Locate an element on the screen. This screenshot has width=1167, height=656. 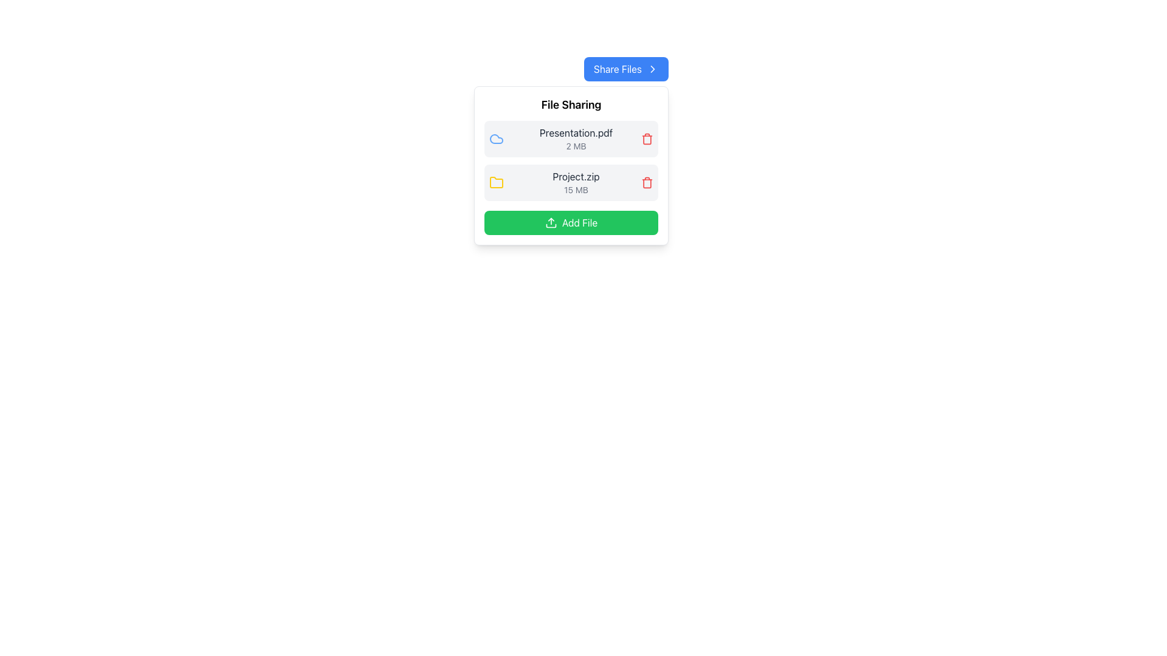
the red trash bin icon located on the right side of the 'Project.zip' file entry to darken its color is located at coordinates (647, 182).